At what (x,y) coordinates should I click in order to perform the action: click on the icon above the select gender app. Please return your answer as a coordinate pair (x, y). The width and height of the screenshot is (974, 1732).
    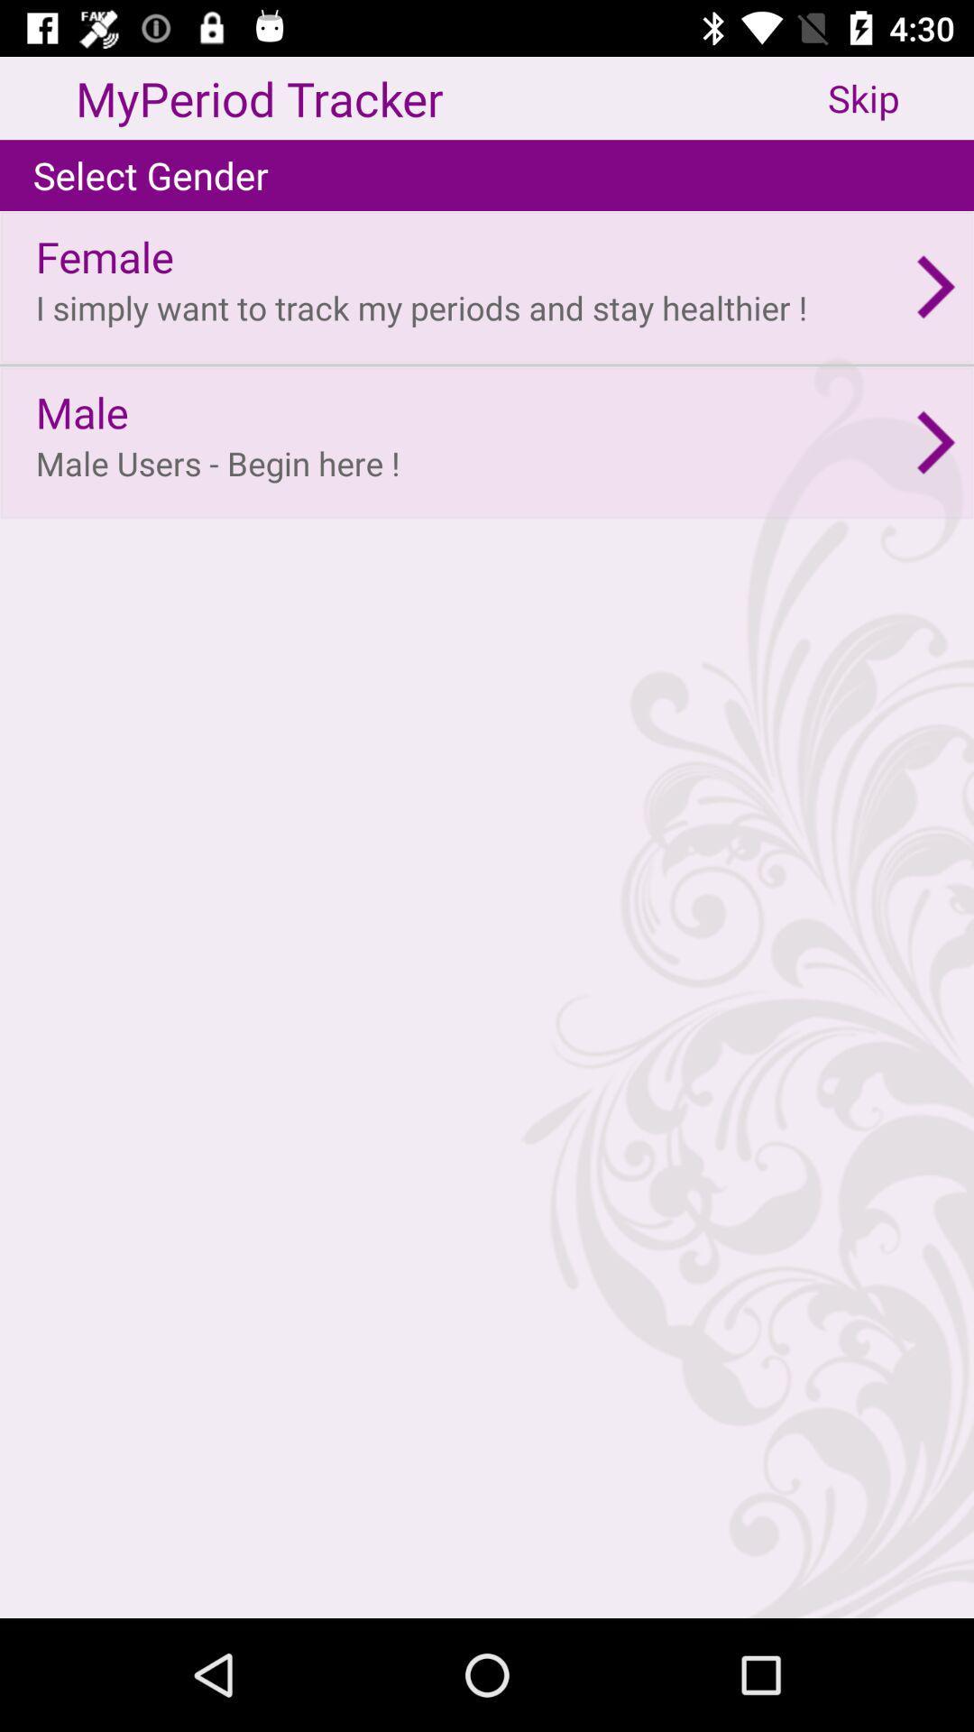
    Looking at the image, I should click on (901, 97).